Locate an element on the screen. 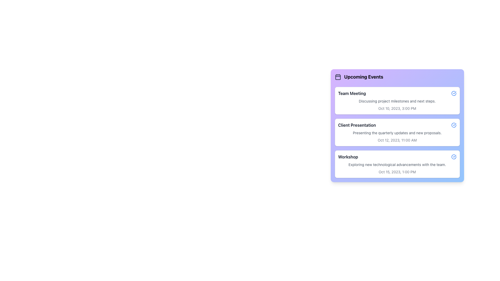  the circular blue checkmark icon button located at the far right of the 'Workshop' event entry in the 'Upcoming Events' section is located at coordinates (453, 156).